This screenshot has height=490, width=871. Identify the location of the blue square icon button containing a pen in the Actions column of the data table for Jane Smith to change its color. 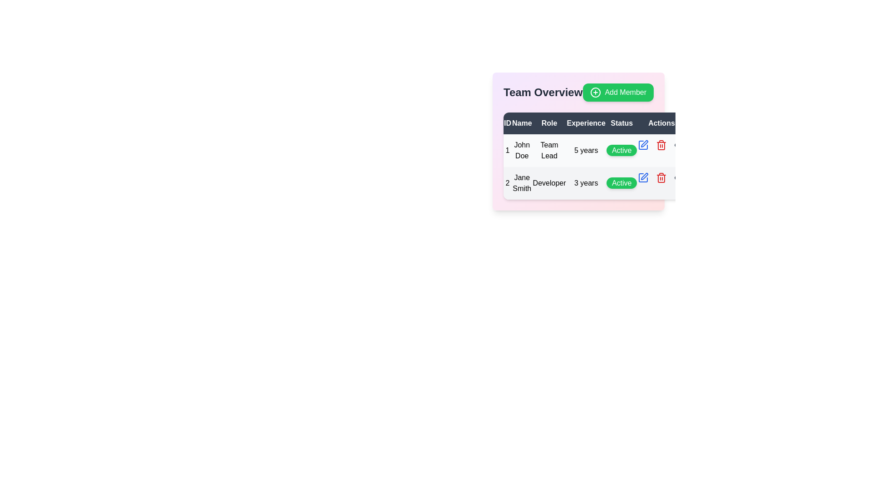
(643, 178).